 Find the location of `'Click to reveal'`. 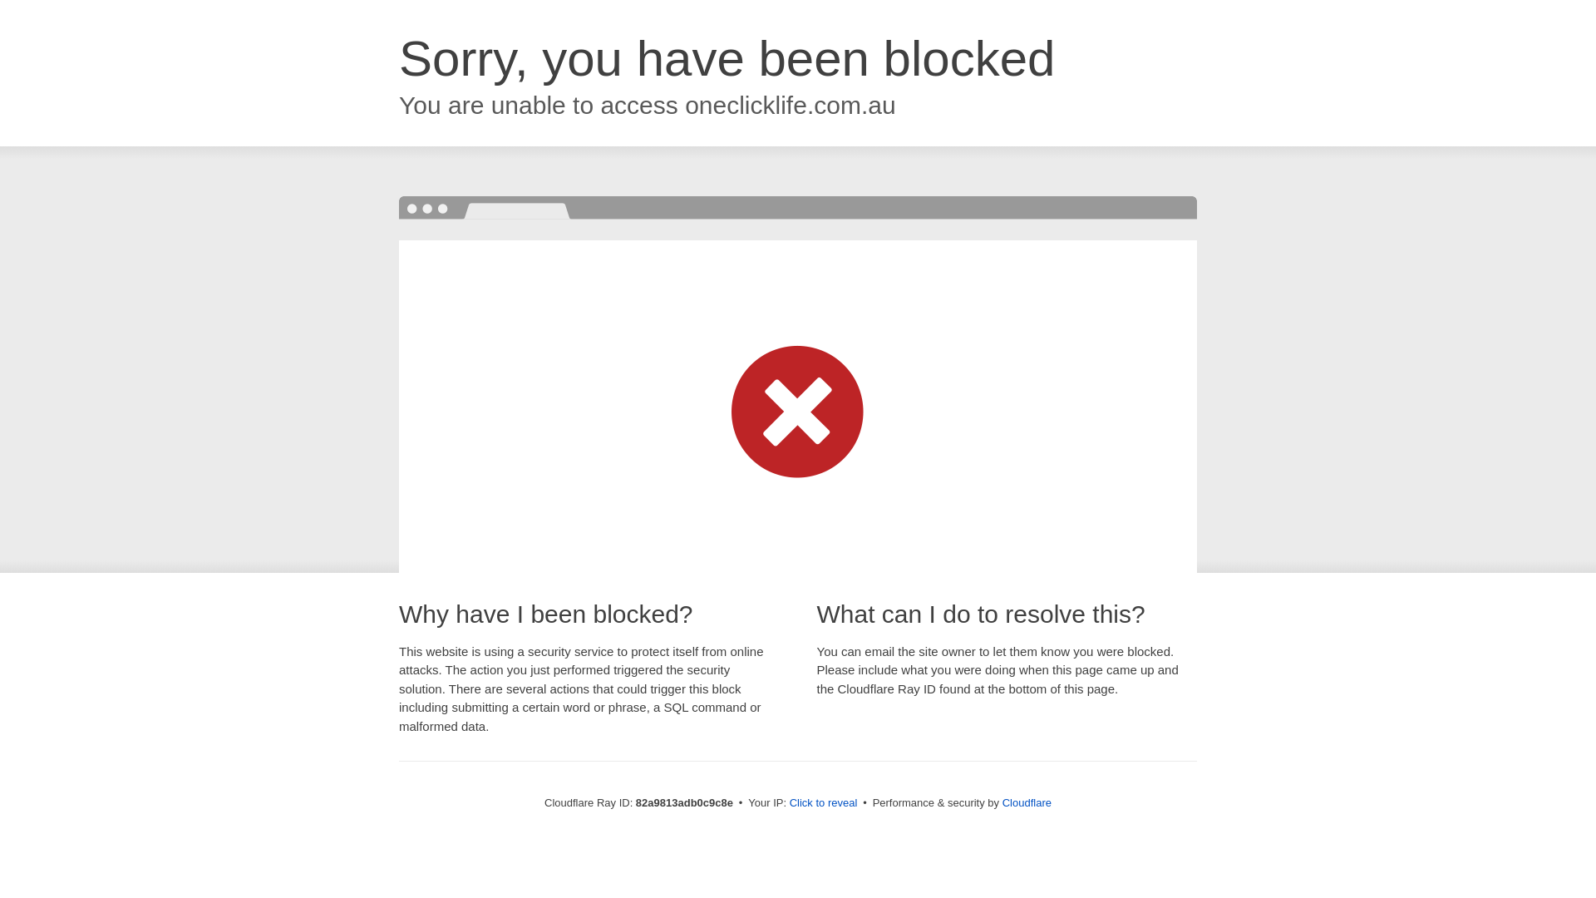

'Click to reveal' is located at coordinates (823, 802).